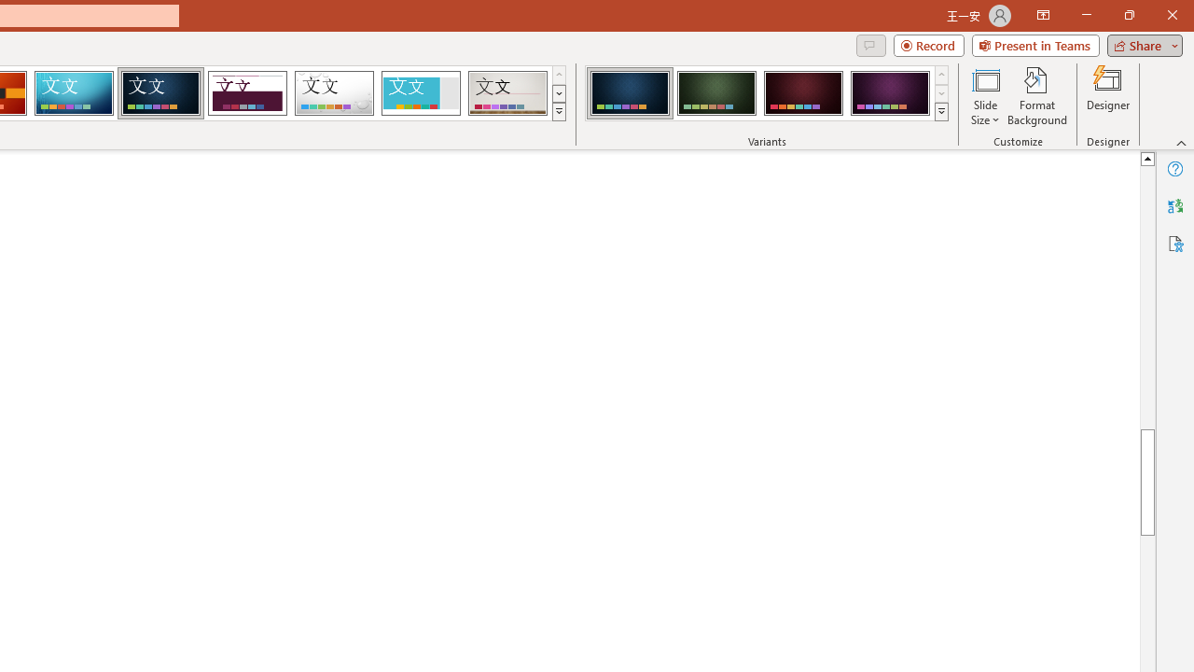  Describe the element at coordinates (630, 93) in the screenshot. I see `'Damask Variant 1'` at that location.